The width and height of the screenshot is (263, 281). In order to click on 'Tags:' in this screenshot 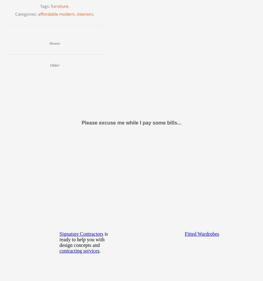, I will do `click(45, 6)`.